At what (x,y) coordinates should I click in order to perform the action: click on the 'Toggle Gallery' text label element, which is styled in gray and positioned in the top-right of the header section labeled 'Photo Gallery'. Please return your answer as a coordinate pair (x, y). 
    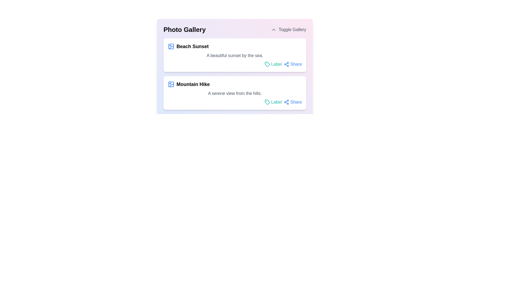
    Looking at the image, I should click on (292, 30).